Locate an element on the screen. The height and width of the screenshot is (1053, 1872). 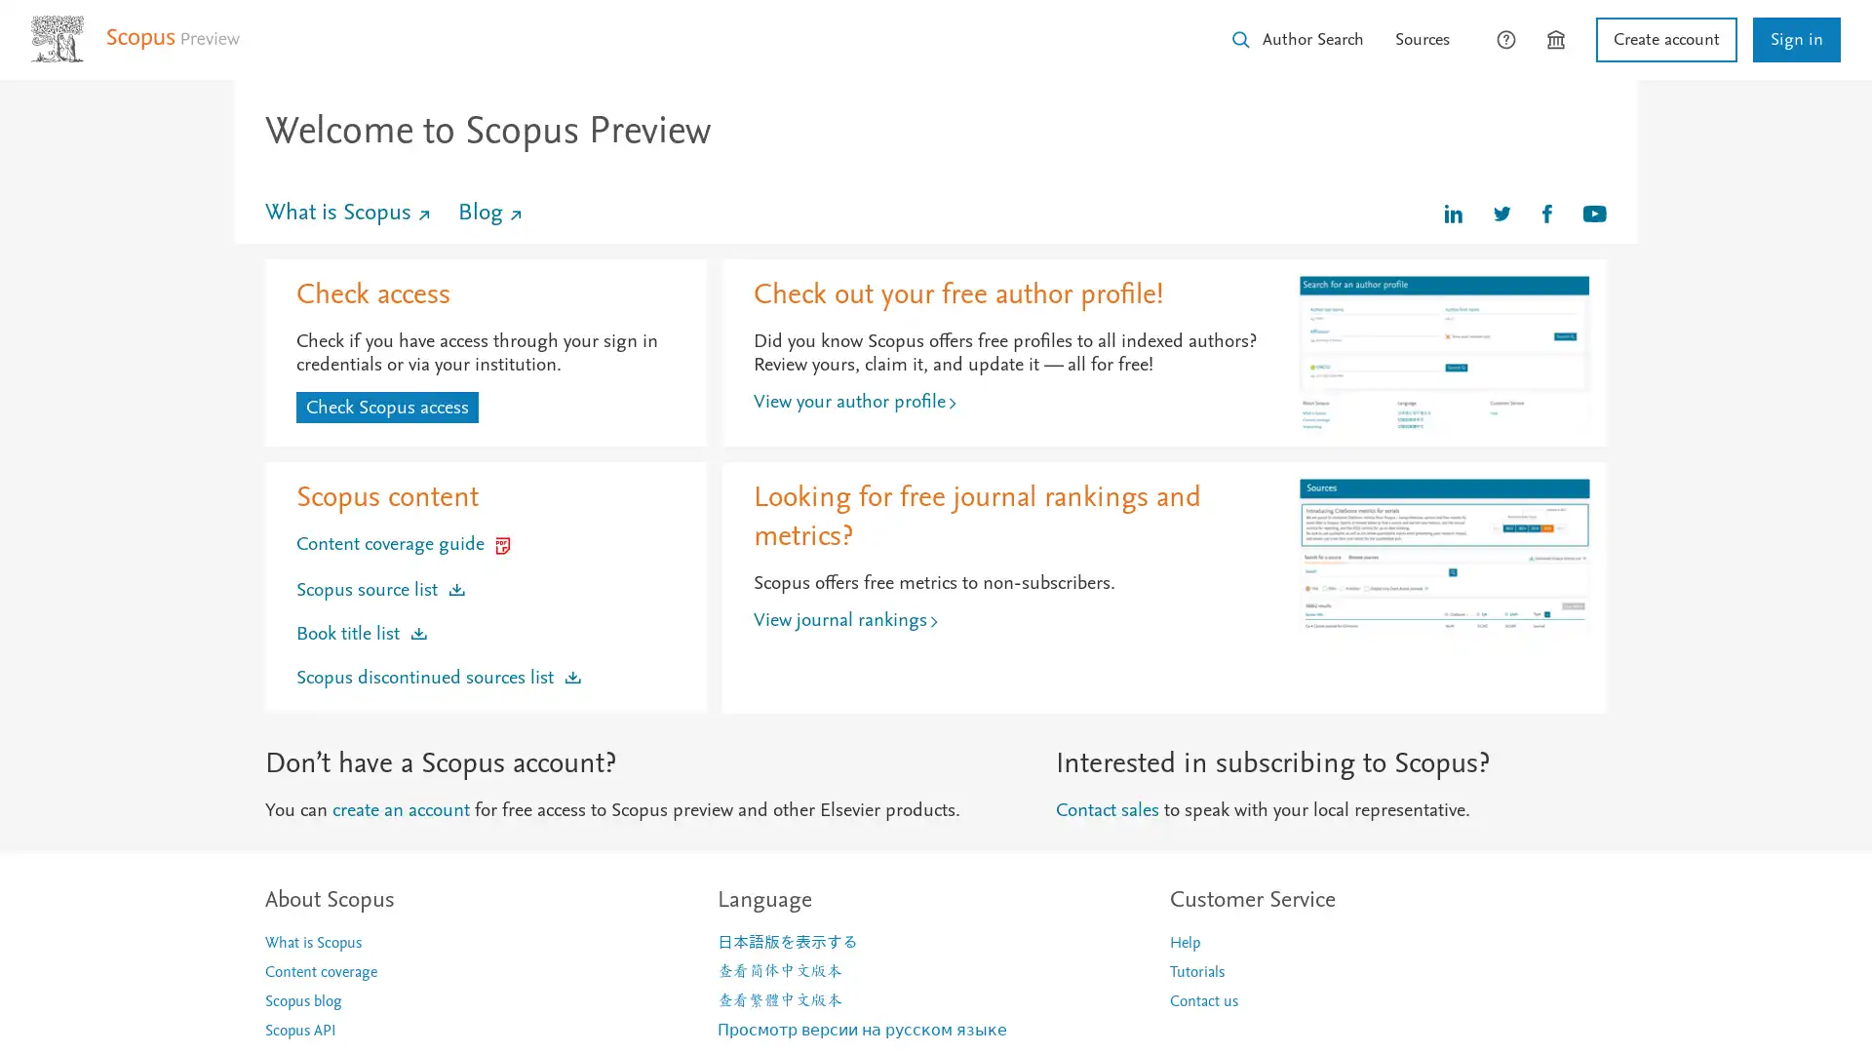
Share your thoughts is located at coordinates (1732, 966).